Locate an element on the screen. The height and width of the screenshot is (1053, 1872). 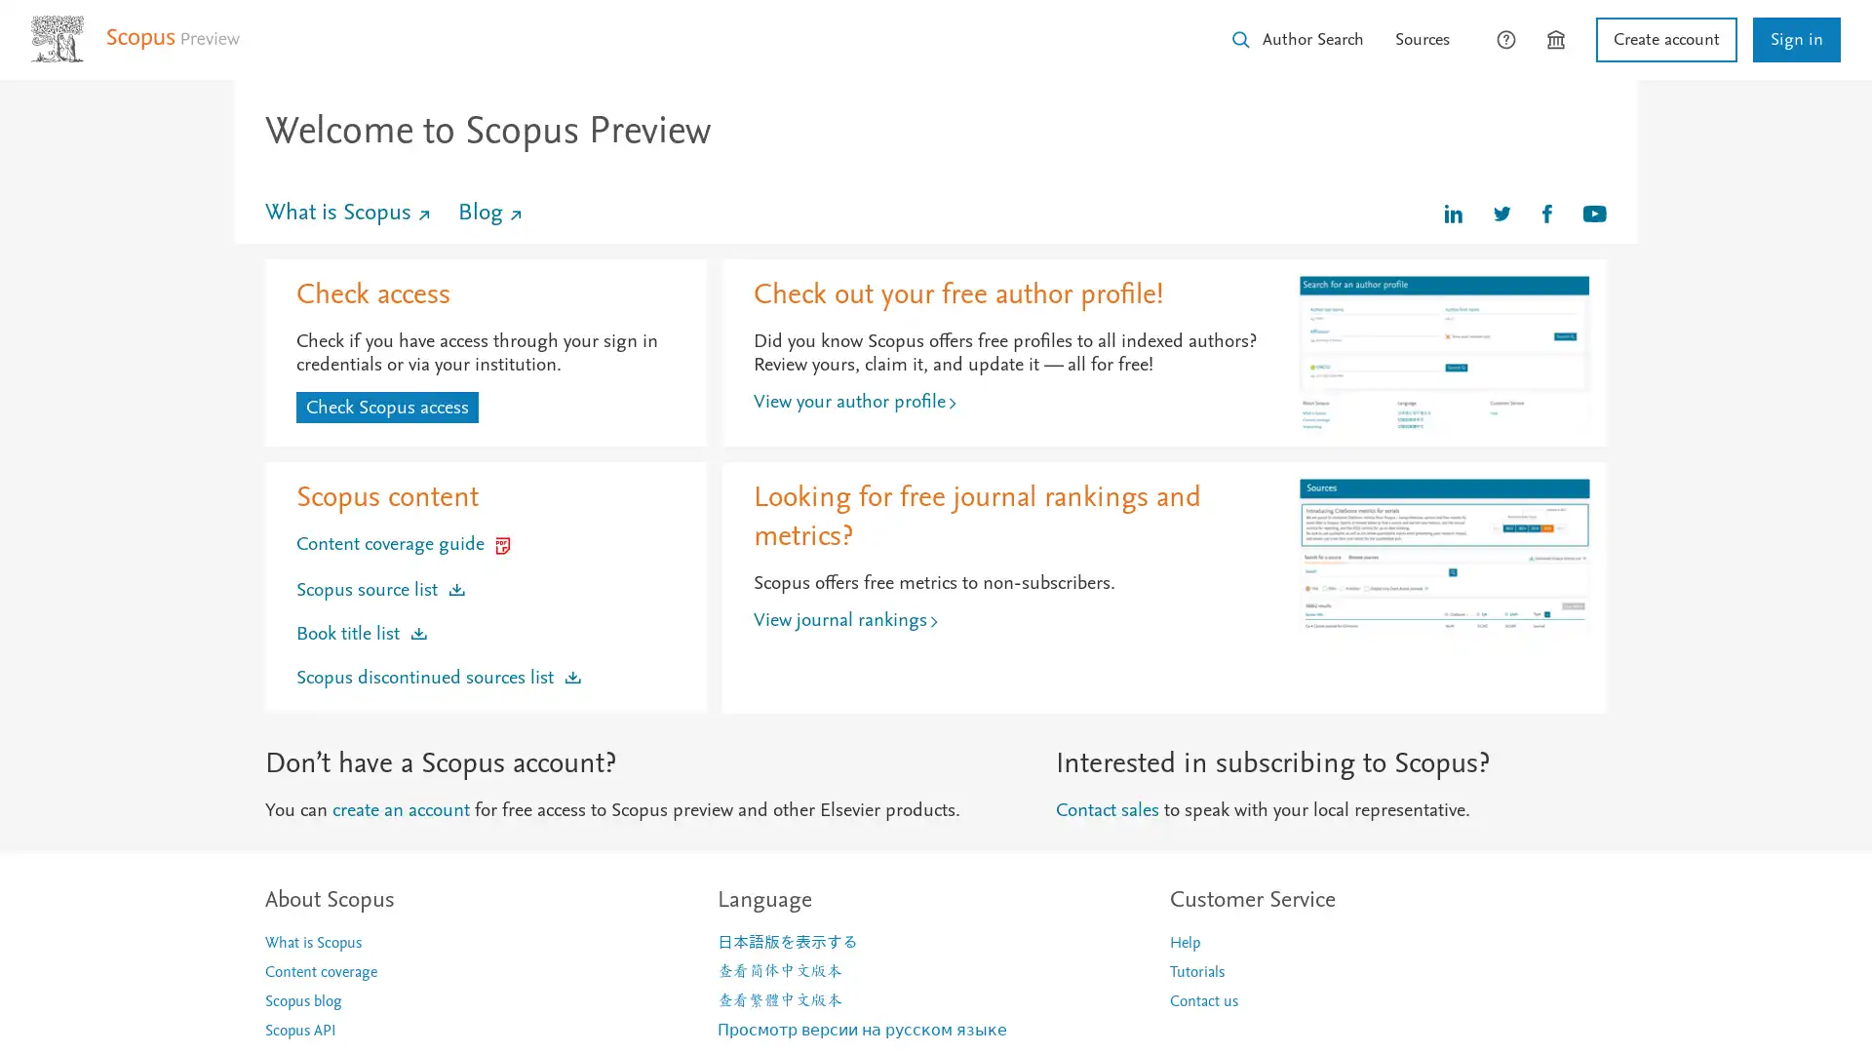
Share your thoughts is located at coordinates (1732, 966).